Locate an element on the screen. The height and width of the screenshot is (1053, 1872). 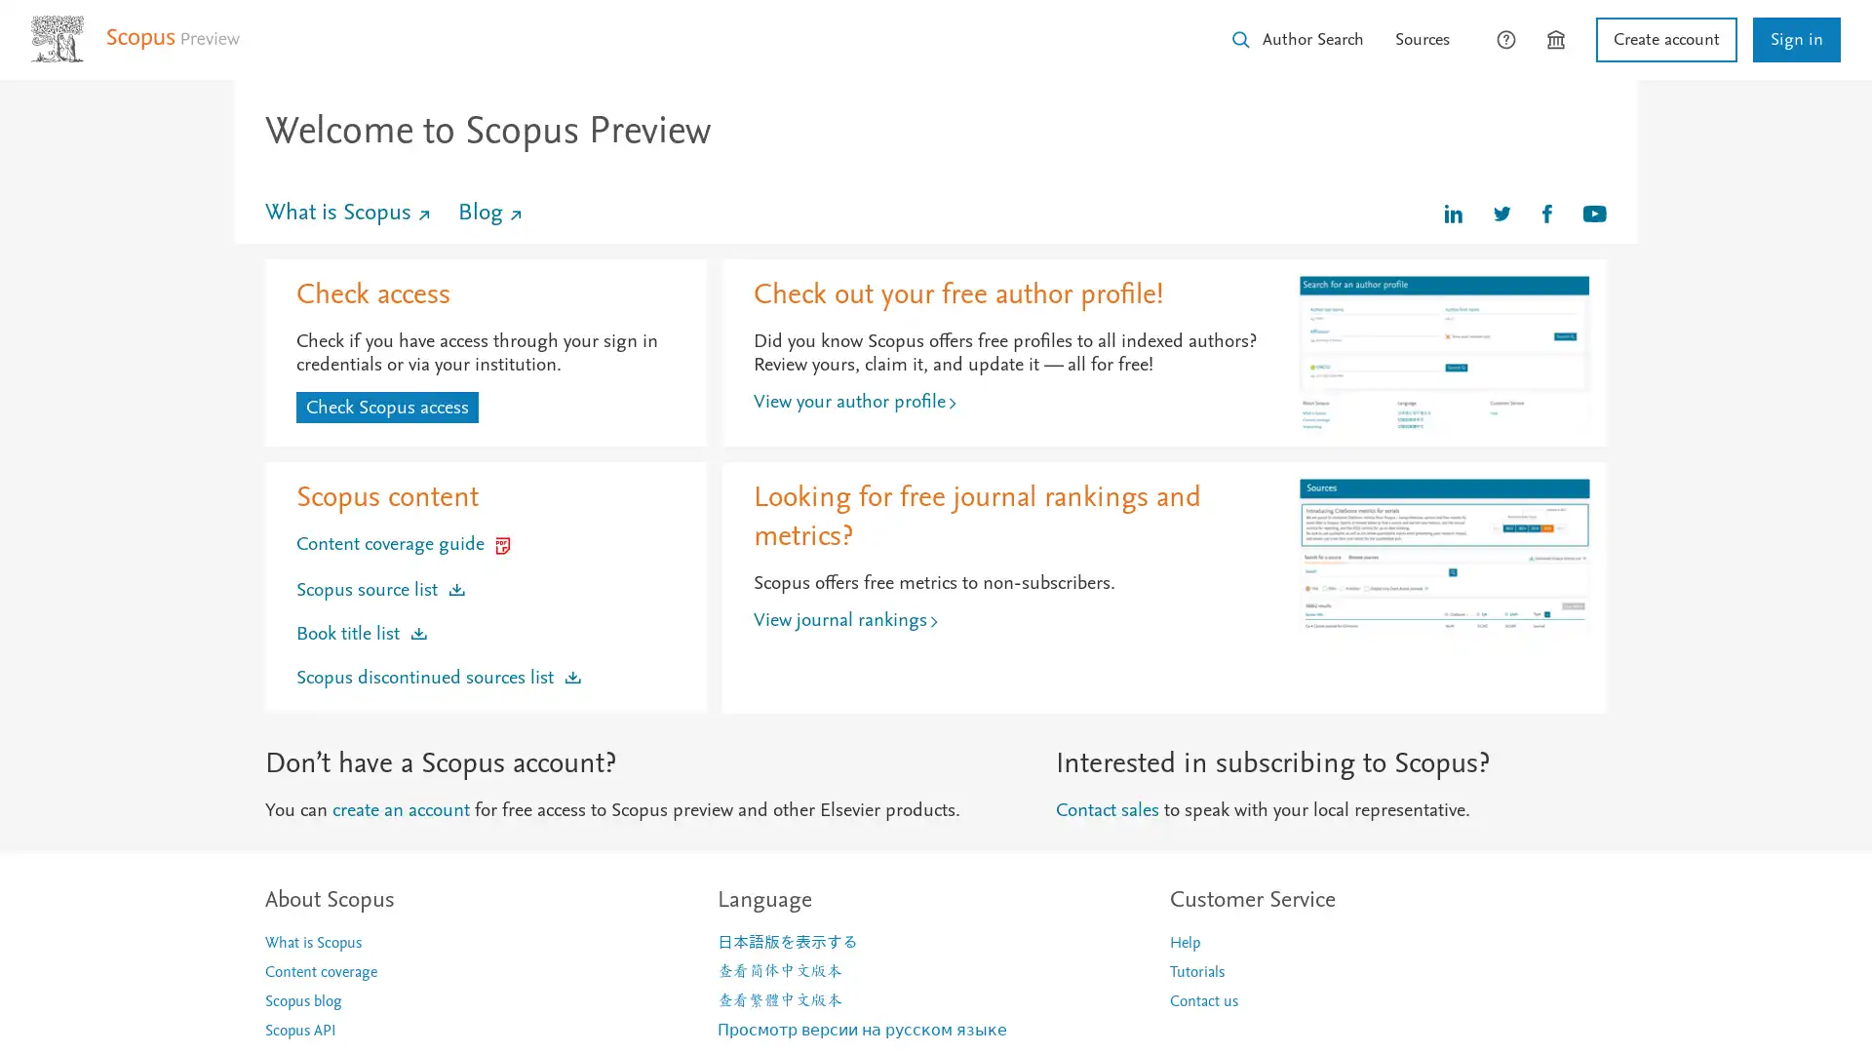
Share your thoughts is located at coordinates (1732, 966).